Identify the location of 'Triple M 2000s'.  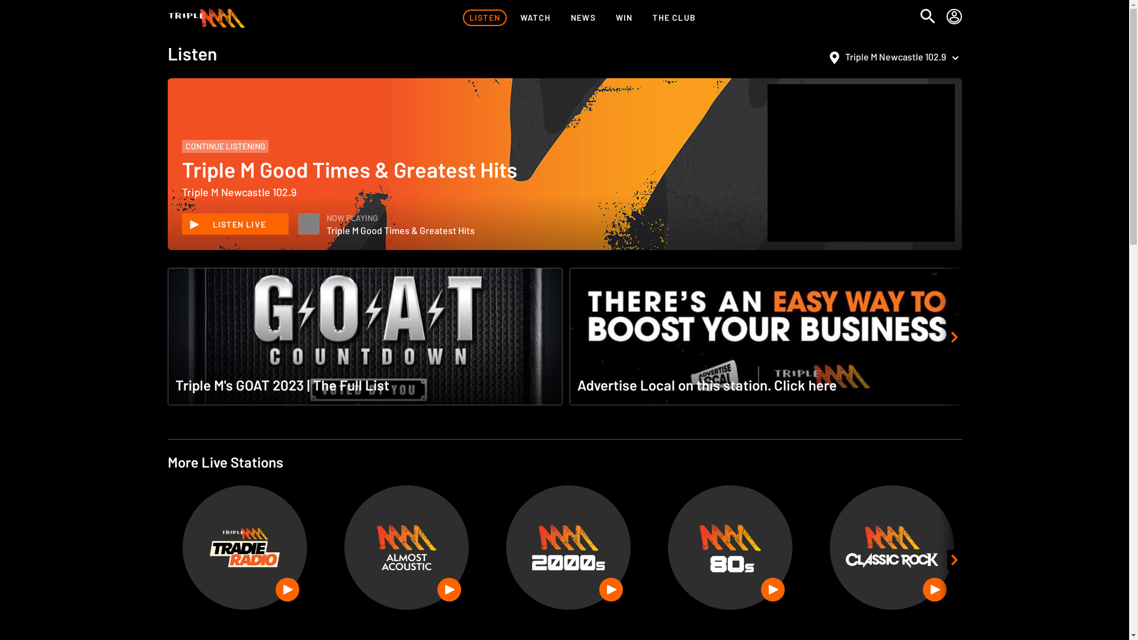
(568, 548).